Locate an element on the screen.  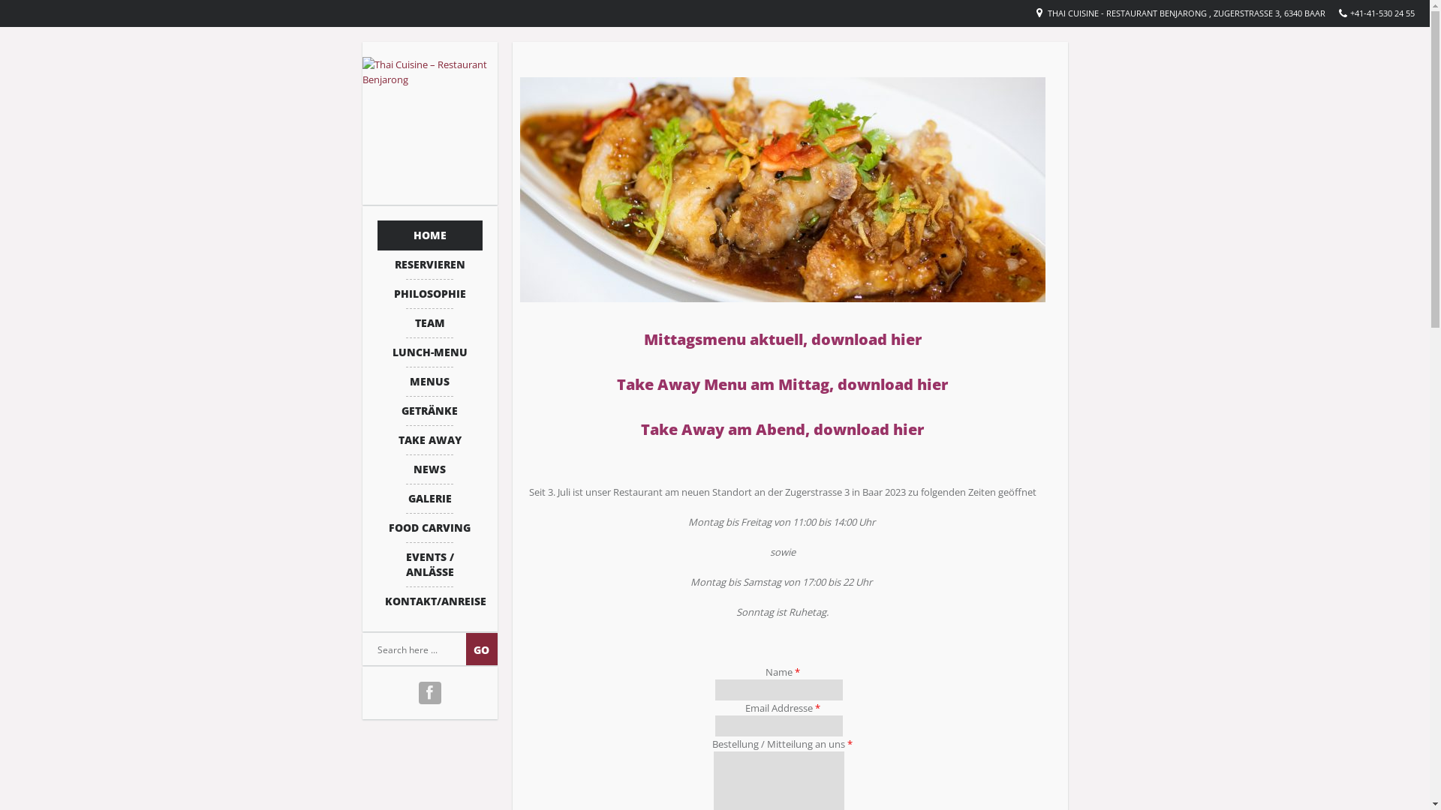
'PHILOSOPHIE' is located at coordinates (428, 294).